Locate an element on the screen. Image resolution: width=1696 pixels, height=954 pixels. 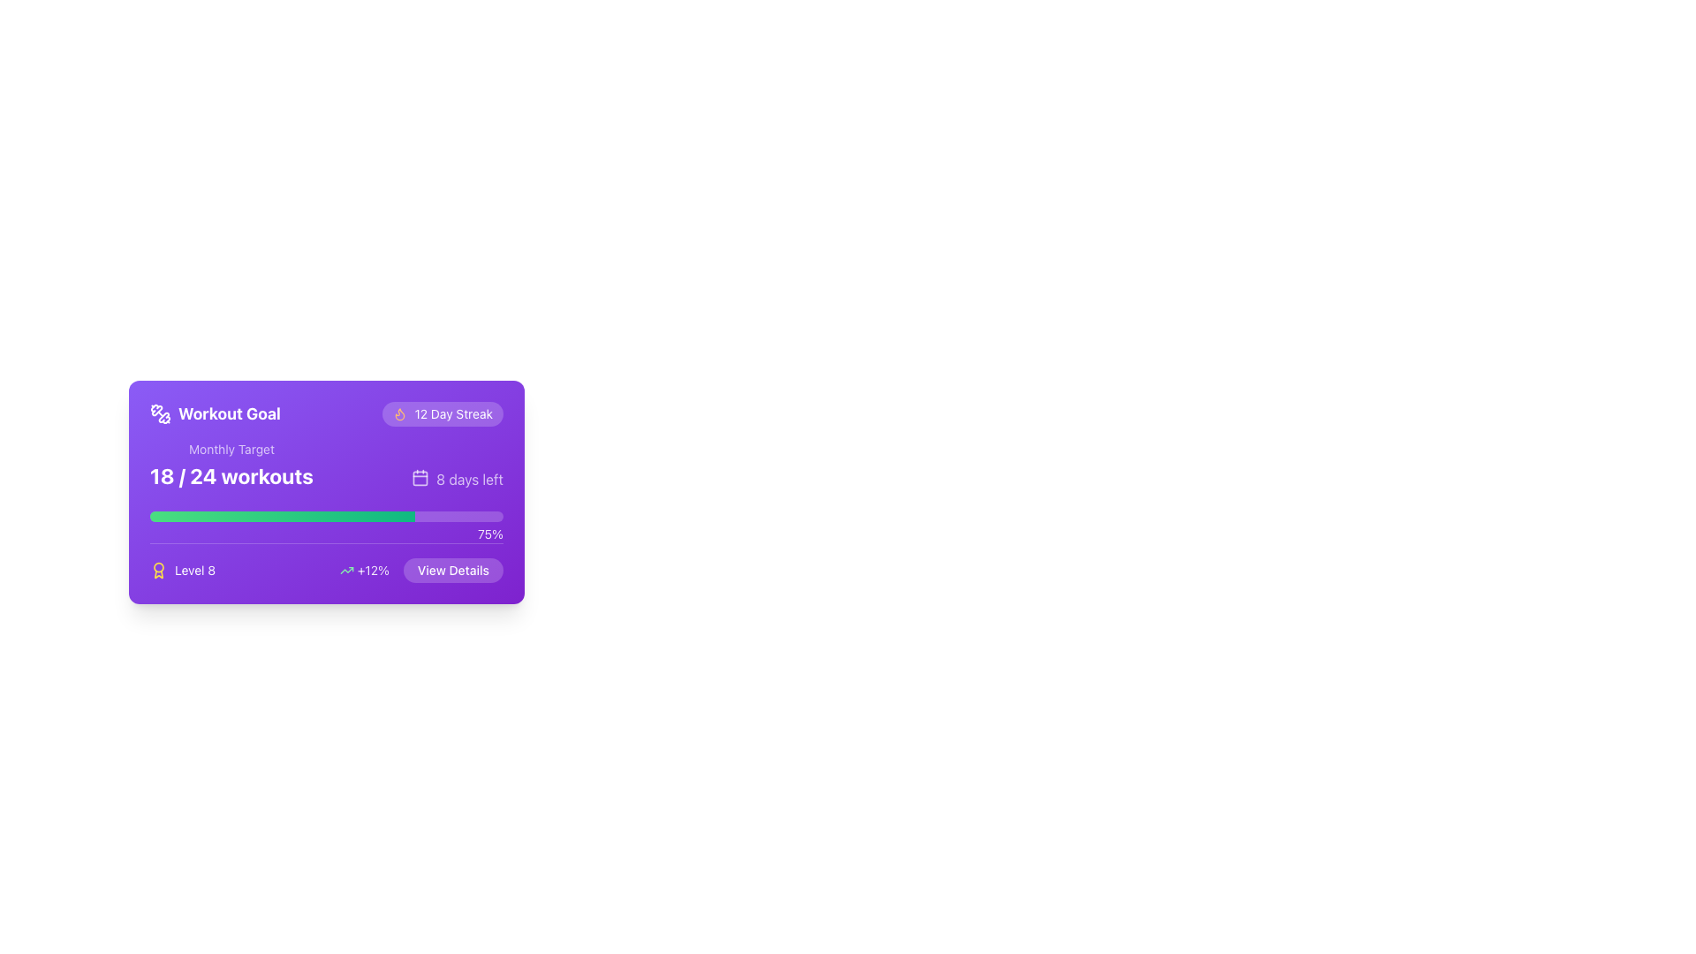
information displayed in the text label that shows '8 days left', which is positioned within a purple card layout, to the top-right of a calendar icon is located at coordinates (470, 480).